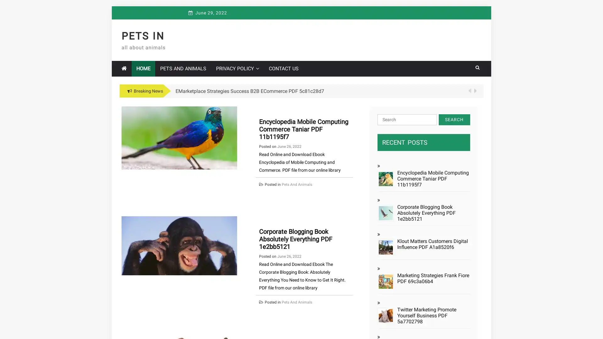  Describe the element at coordinates (454, 119) in the screenshot. I see `Search` at that location.